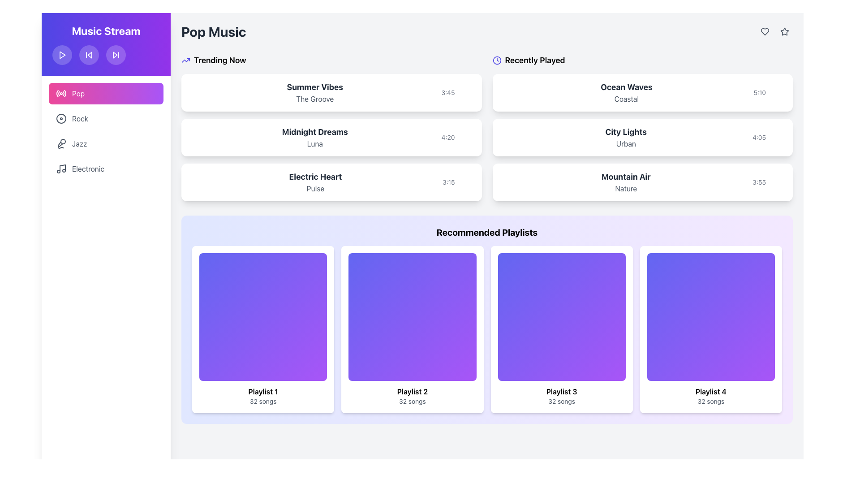 The width and height of the screenshot is (860, 484). What do you see at coordinates (710, 391) in the screenshot?
I see `the text label reading 'Playlist 4', which is styled with a bold and larger font and is positioned above the label '32 songs' in the 'Recommended Playlists' section` at bounding box center [710, 391].